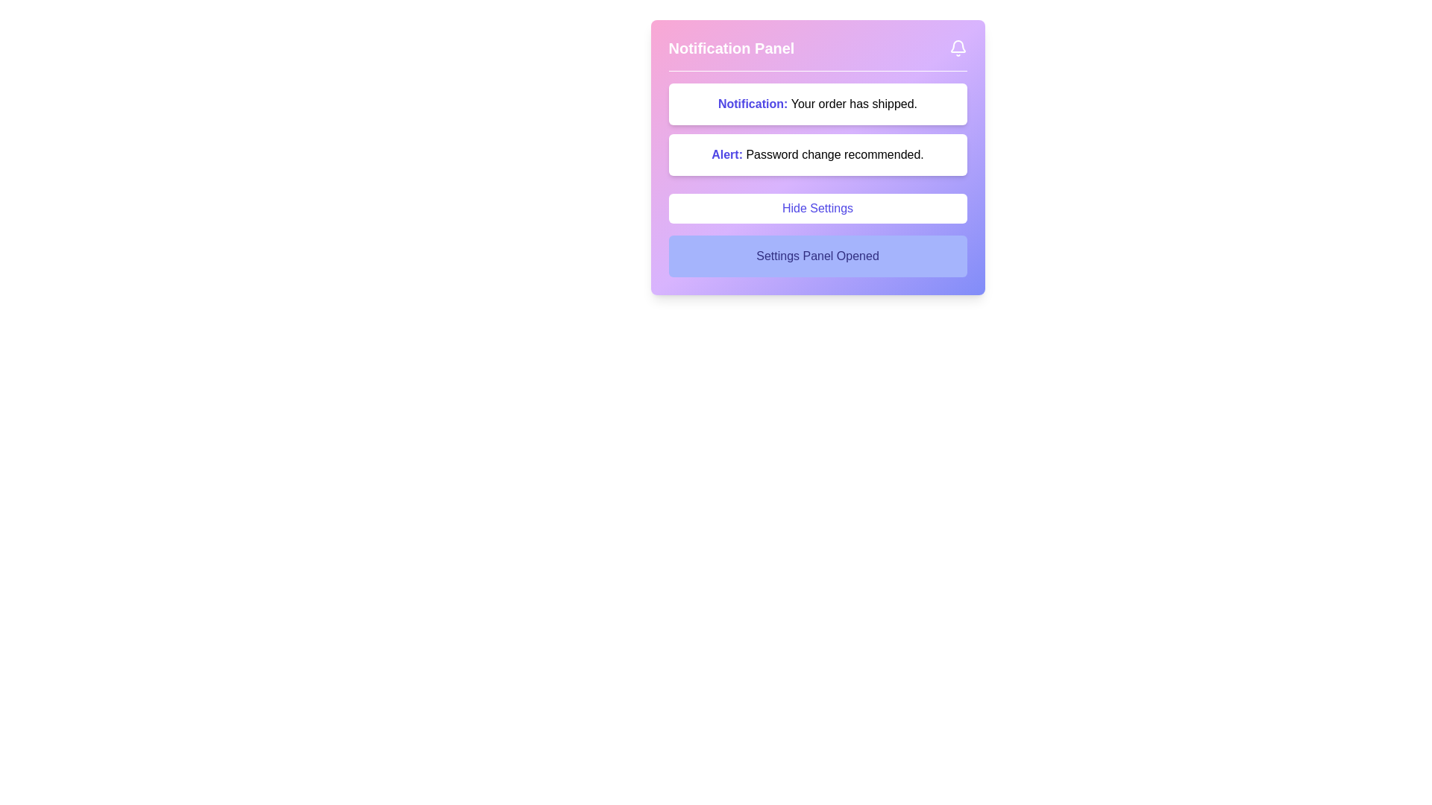  I want to click on the notification box that displays the message 'Notification: Your order has shipped.' which is located at the top of the list of notification boxes, so click(817, 103).